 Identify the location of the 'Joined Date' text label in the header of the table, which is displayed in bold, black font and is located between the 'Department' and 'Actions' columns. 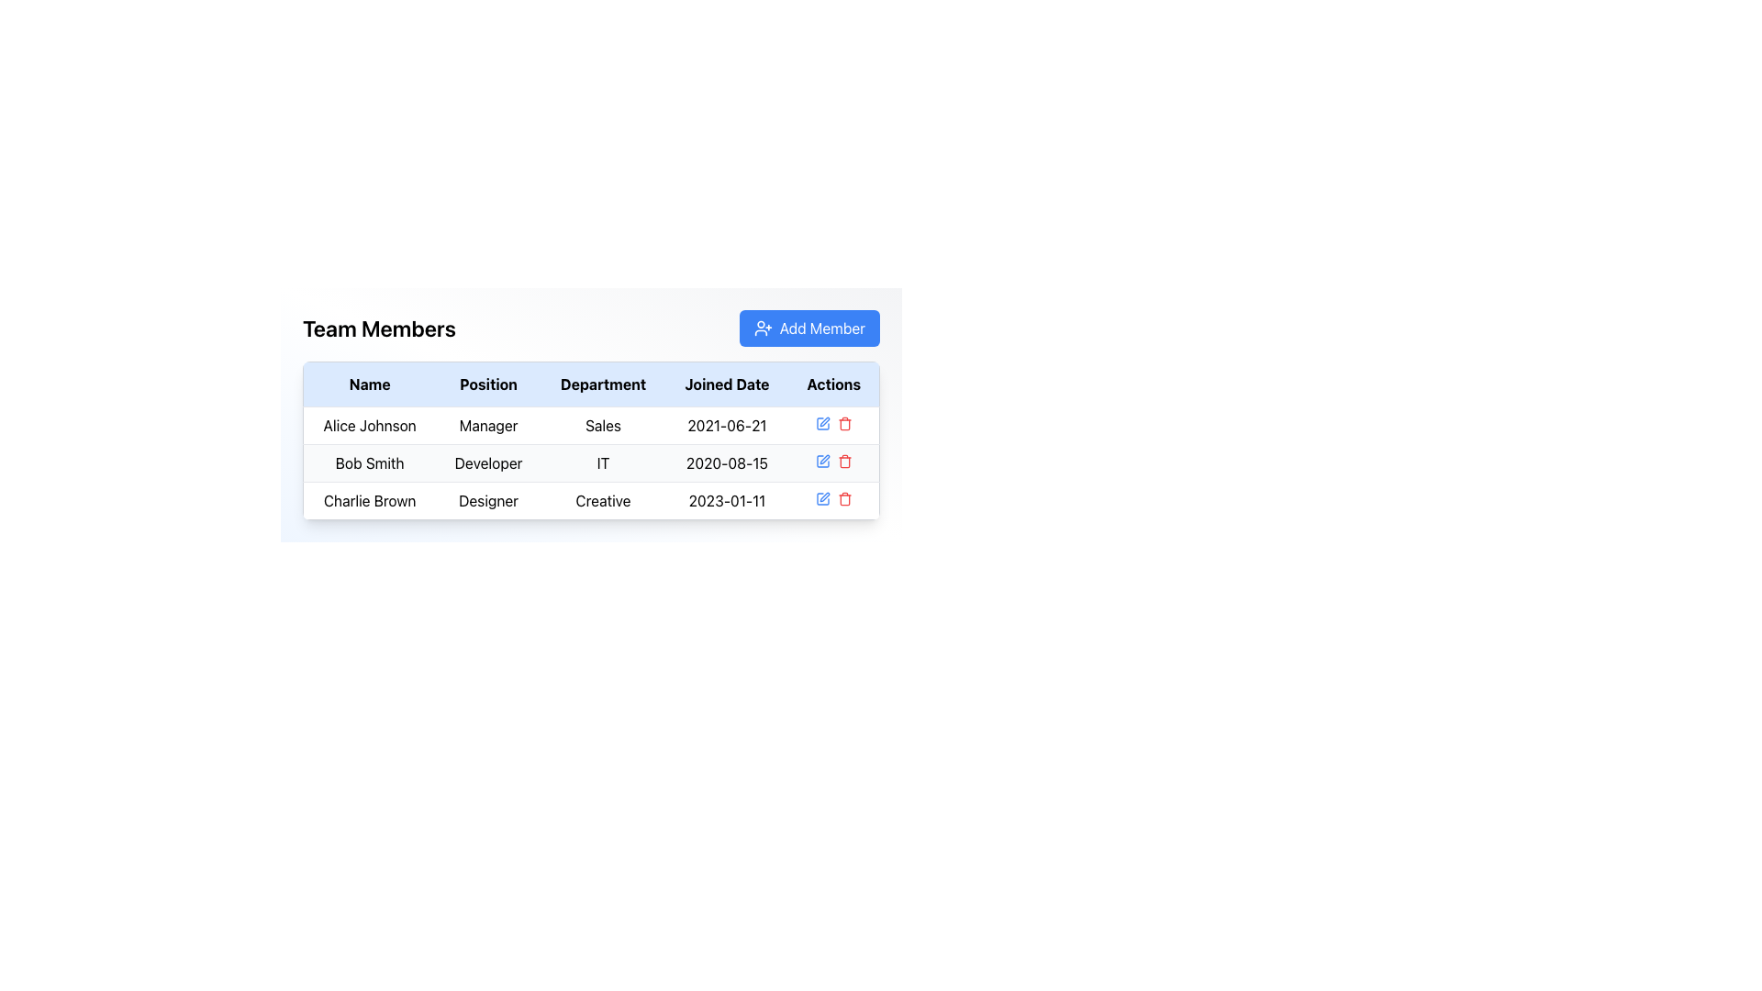
(726, 384).